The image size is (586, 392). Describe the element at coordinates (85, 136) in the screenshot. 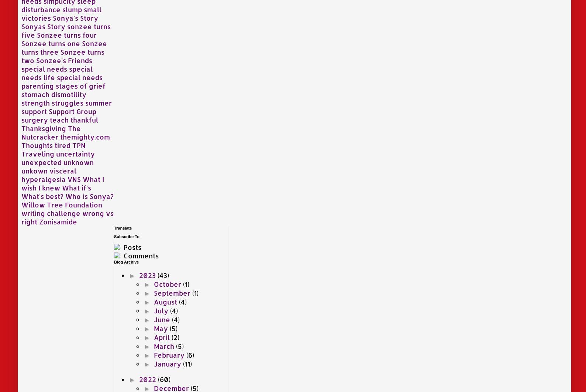

I see `'themighty.com'` at that location.